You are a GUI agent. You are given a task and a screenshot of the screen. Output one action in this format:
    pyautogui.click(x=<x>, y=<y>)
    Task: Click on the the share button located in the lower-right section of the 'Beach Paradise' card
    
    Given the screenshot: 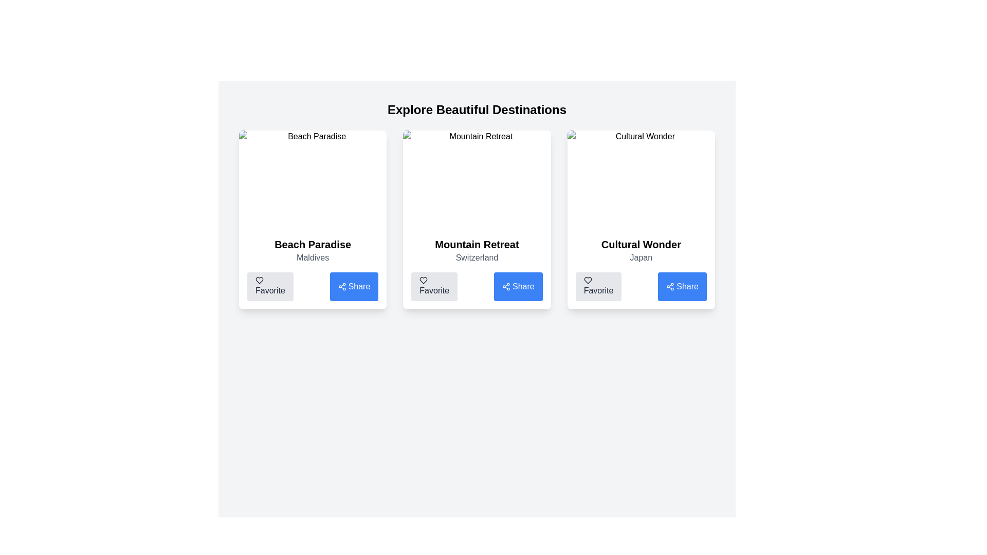 What is the action you would take?
    pyautogui.click(x=342, y=287)
    